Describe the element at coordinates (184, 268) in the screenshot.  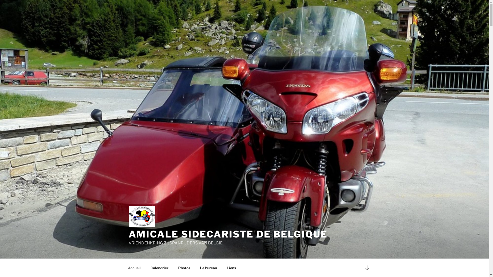
I see `'Photos'` at that location.